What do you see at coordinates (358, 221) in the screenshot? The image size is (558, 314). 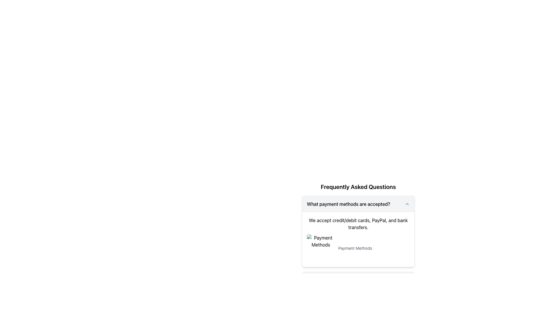 I see `the informational section about payment methods in the Frequently Asked Questions block to read its content` at bounding box center [358, 221].